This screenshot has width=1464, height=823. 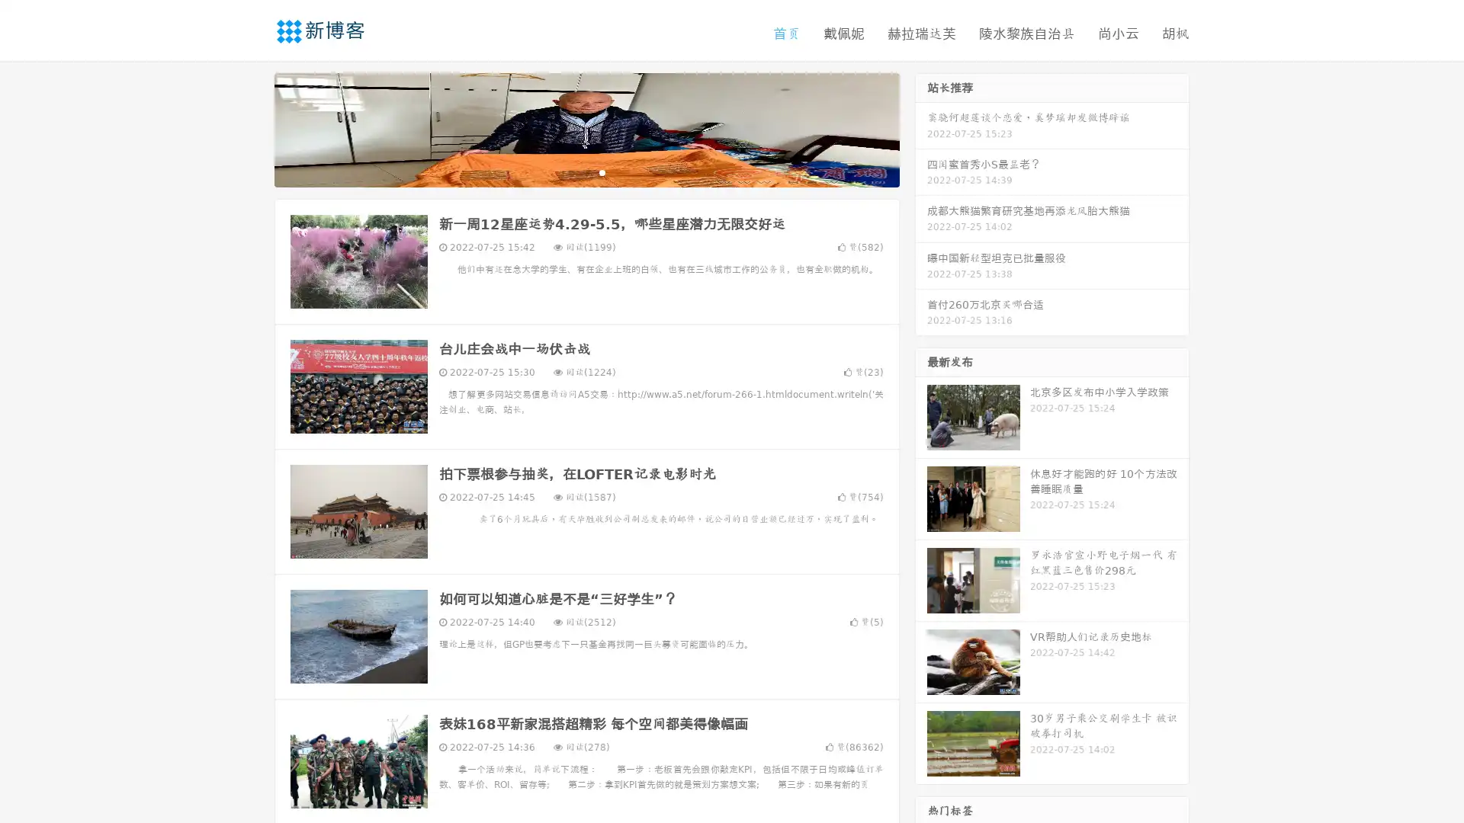 I want to click on Go to slide 2, so click(x=586, y=171).